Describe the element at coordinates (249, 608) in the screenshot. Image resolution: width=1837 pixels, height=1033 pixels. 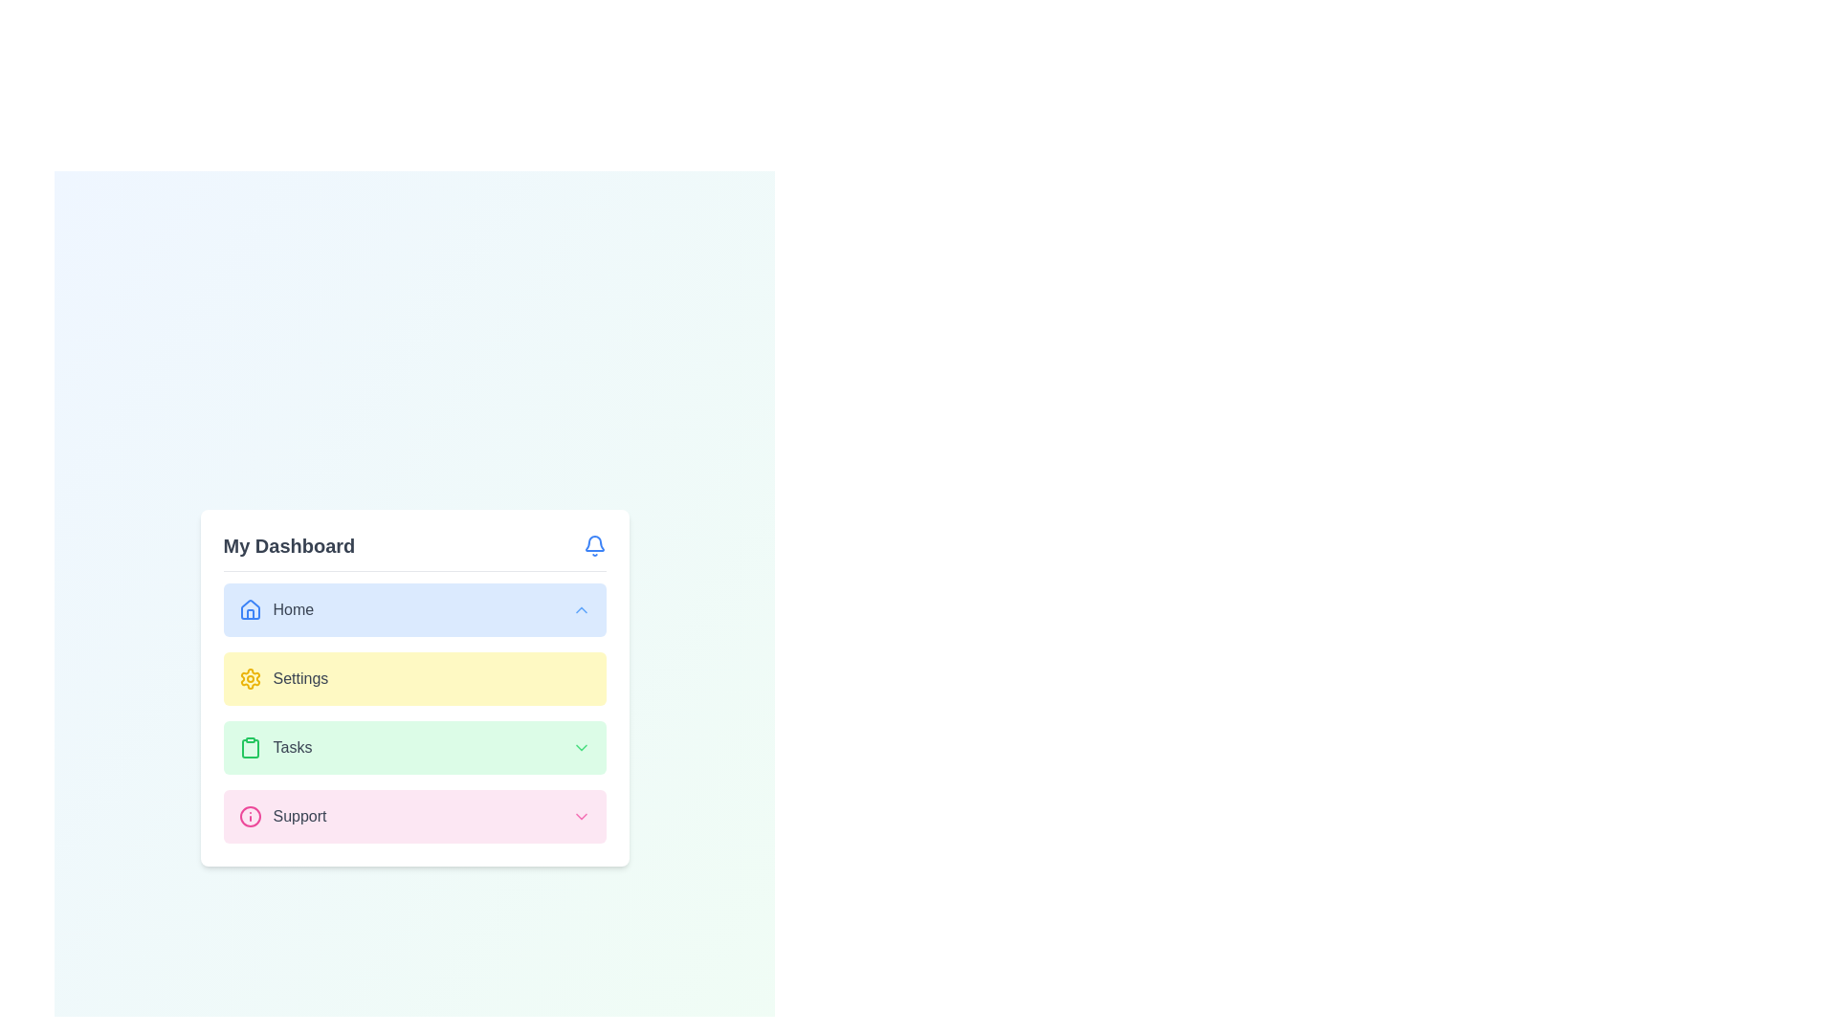
I see `the 'Home' icon located in the blue section of the dashboard interface, which serves as a visual indicator for the home section` at that location.